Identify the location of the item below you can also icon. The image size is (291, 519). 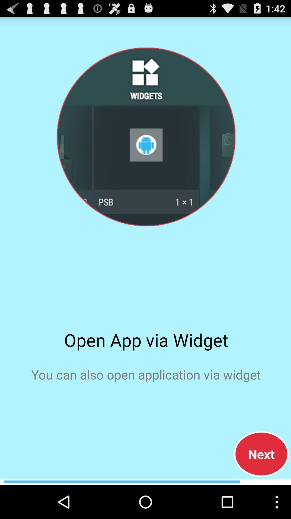
(261, 454).